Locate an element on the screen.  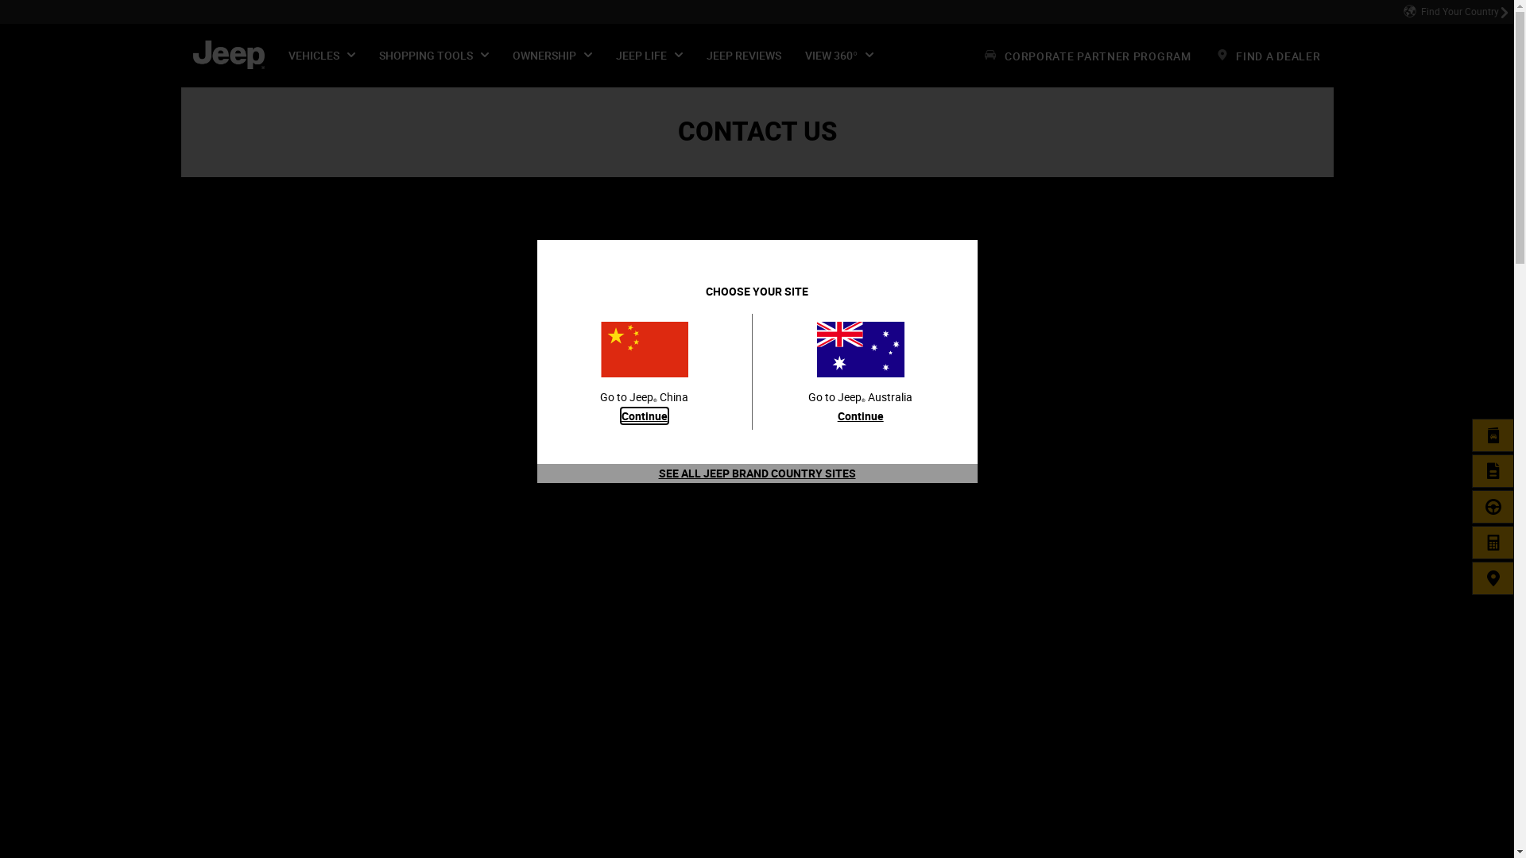
'REQUEST A QUOTE' is located at coordinates (1492, 470).